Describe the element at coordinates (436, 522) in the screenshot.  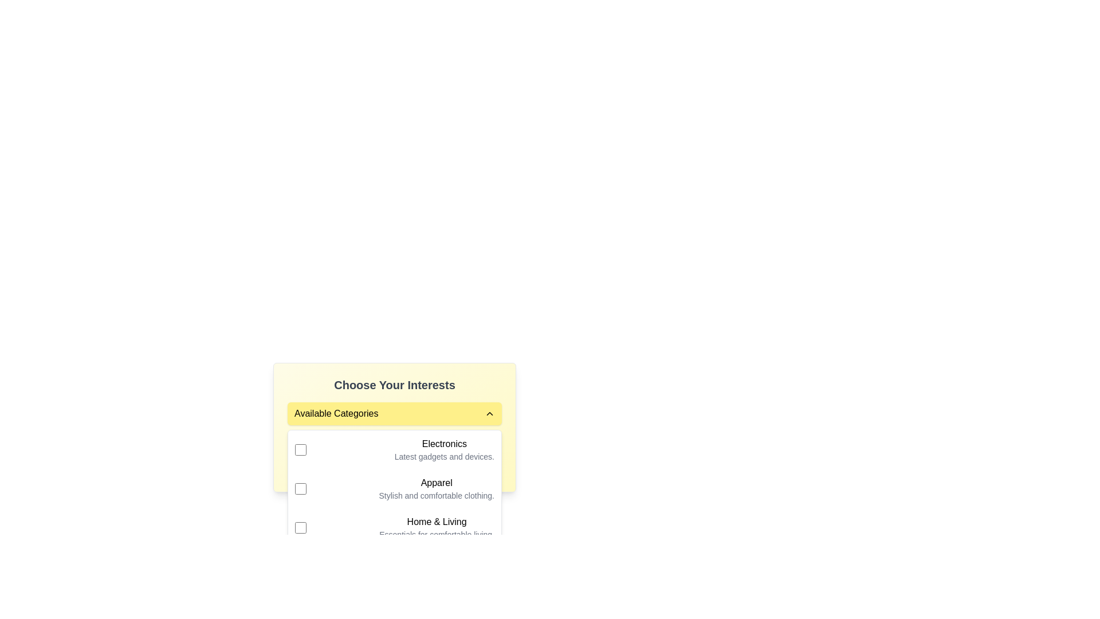
I see `the 'Home & Living' text label in the 'Available Categories' dropdown section under 'Choose Your Interests'` at that location.